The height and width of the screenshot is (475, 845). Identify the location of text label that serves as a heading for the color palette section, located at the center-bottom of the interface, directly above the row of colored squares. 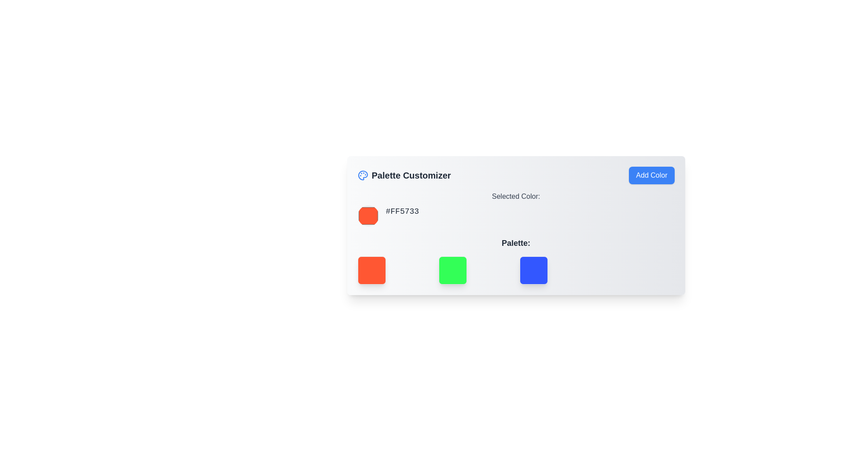
(516, 243).